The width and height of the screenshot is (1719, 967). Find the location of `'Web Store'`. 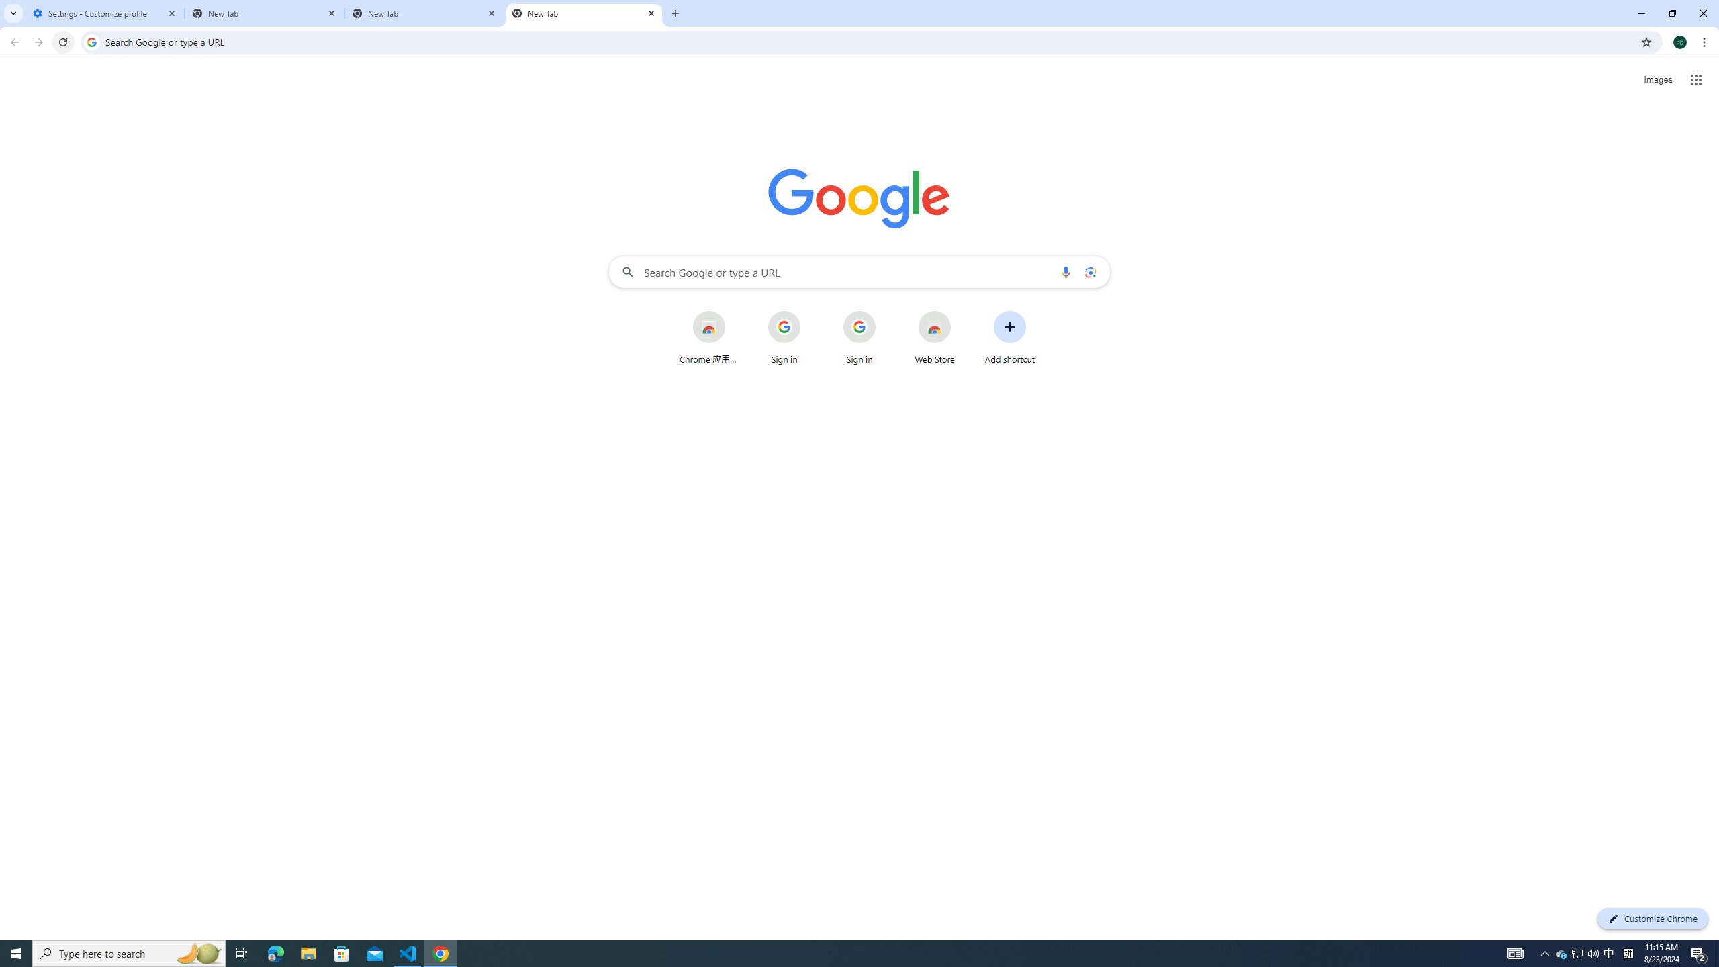

'Web Store' is located at coordinates (934, 336).